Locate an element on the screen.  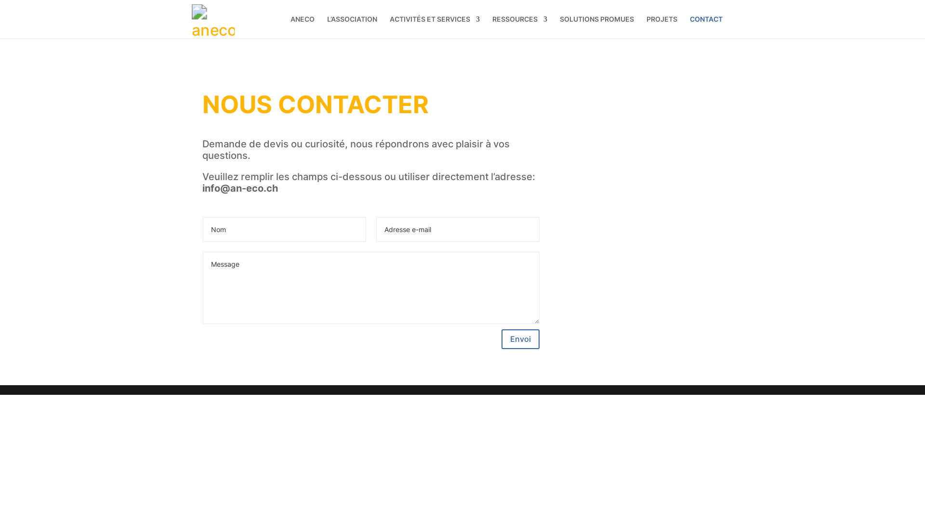
'CONTACT' is located at coordinates (689, 26).